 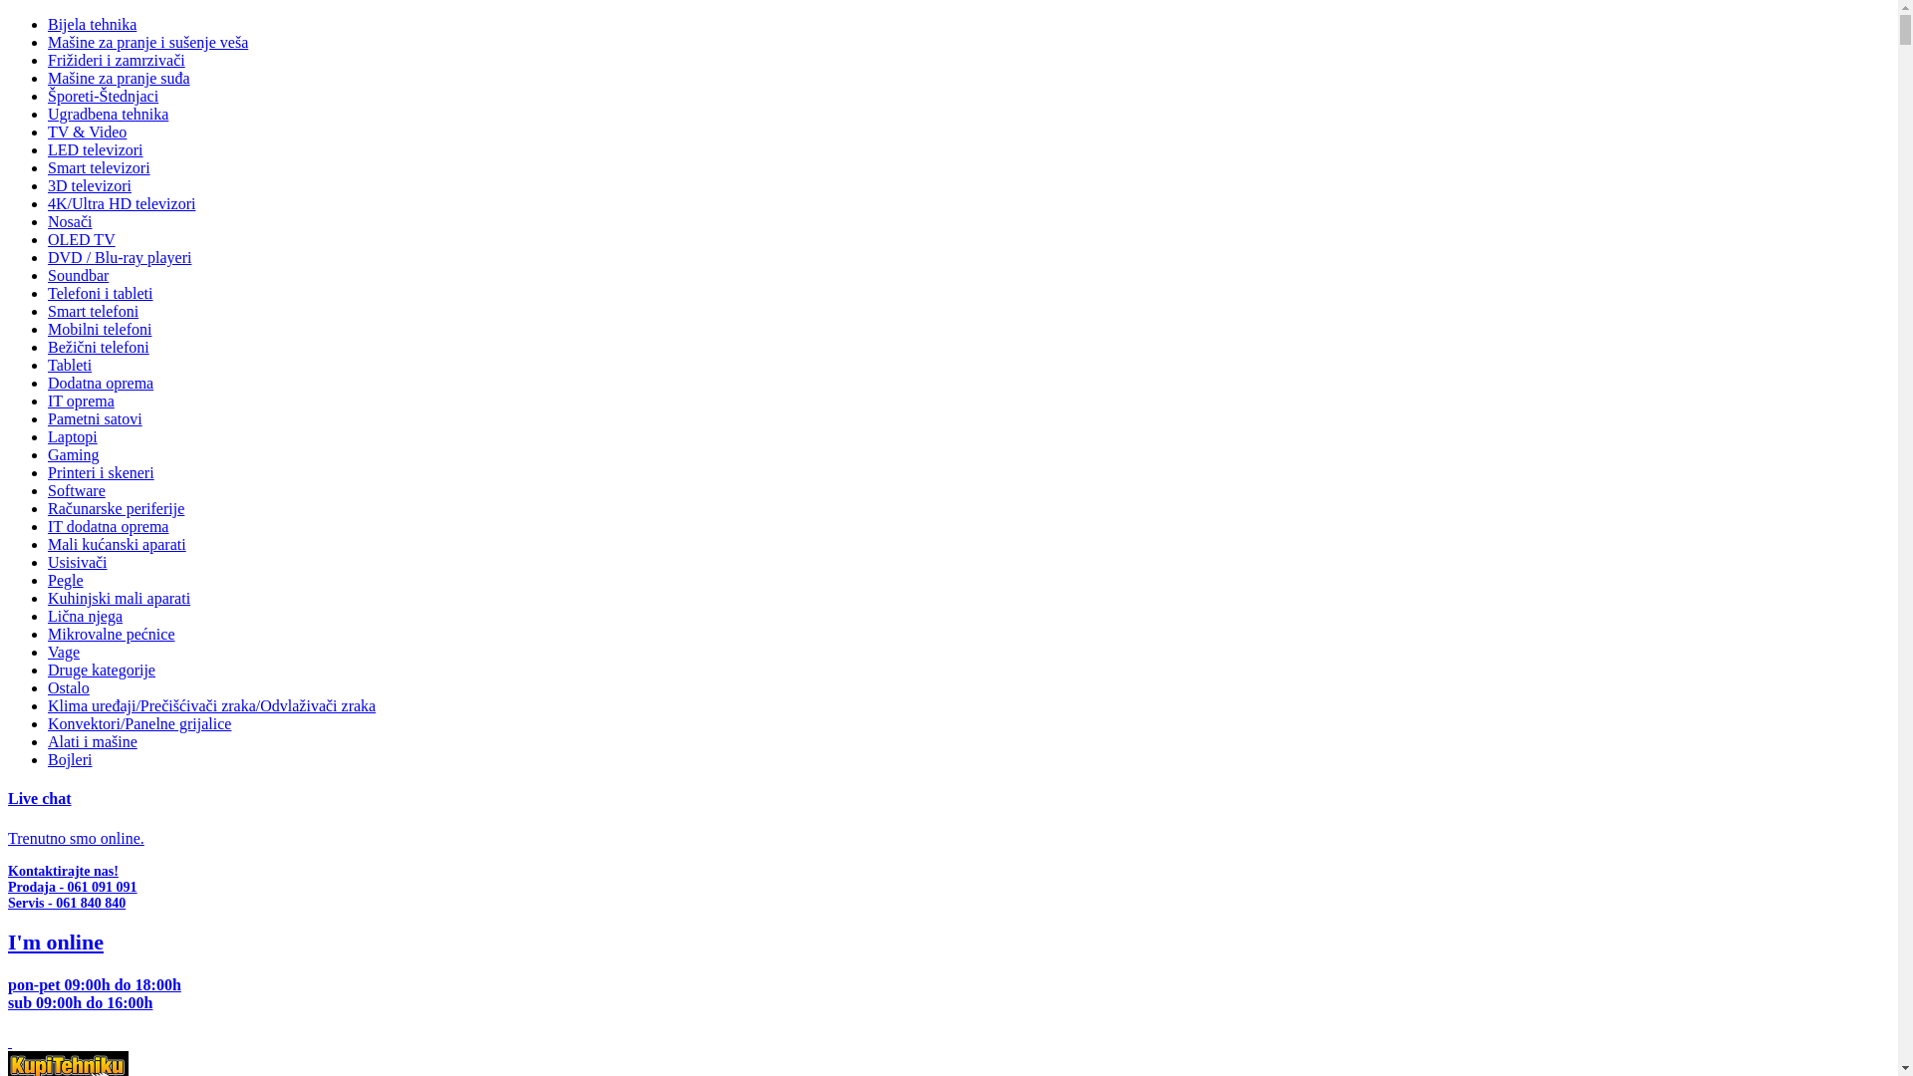 I want to click on 'Tableti', so click(x=48, y=365).